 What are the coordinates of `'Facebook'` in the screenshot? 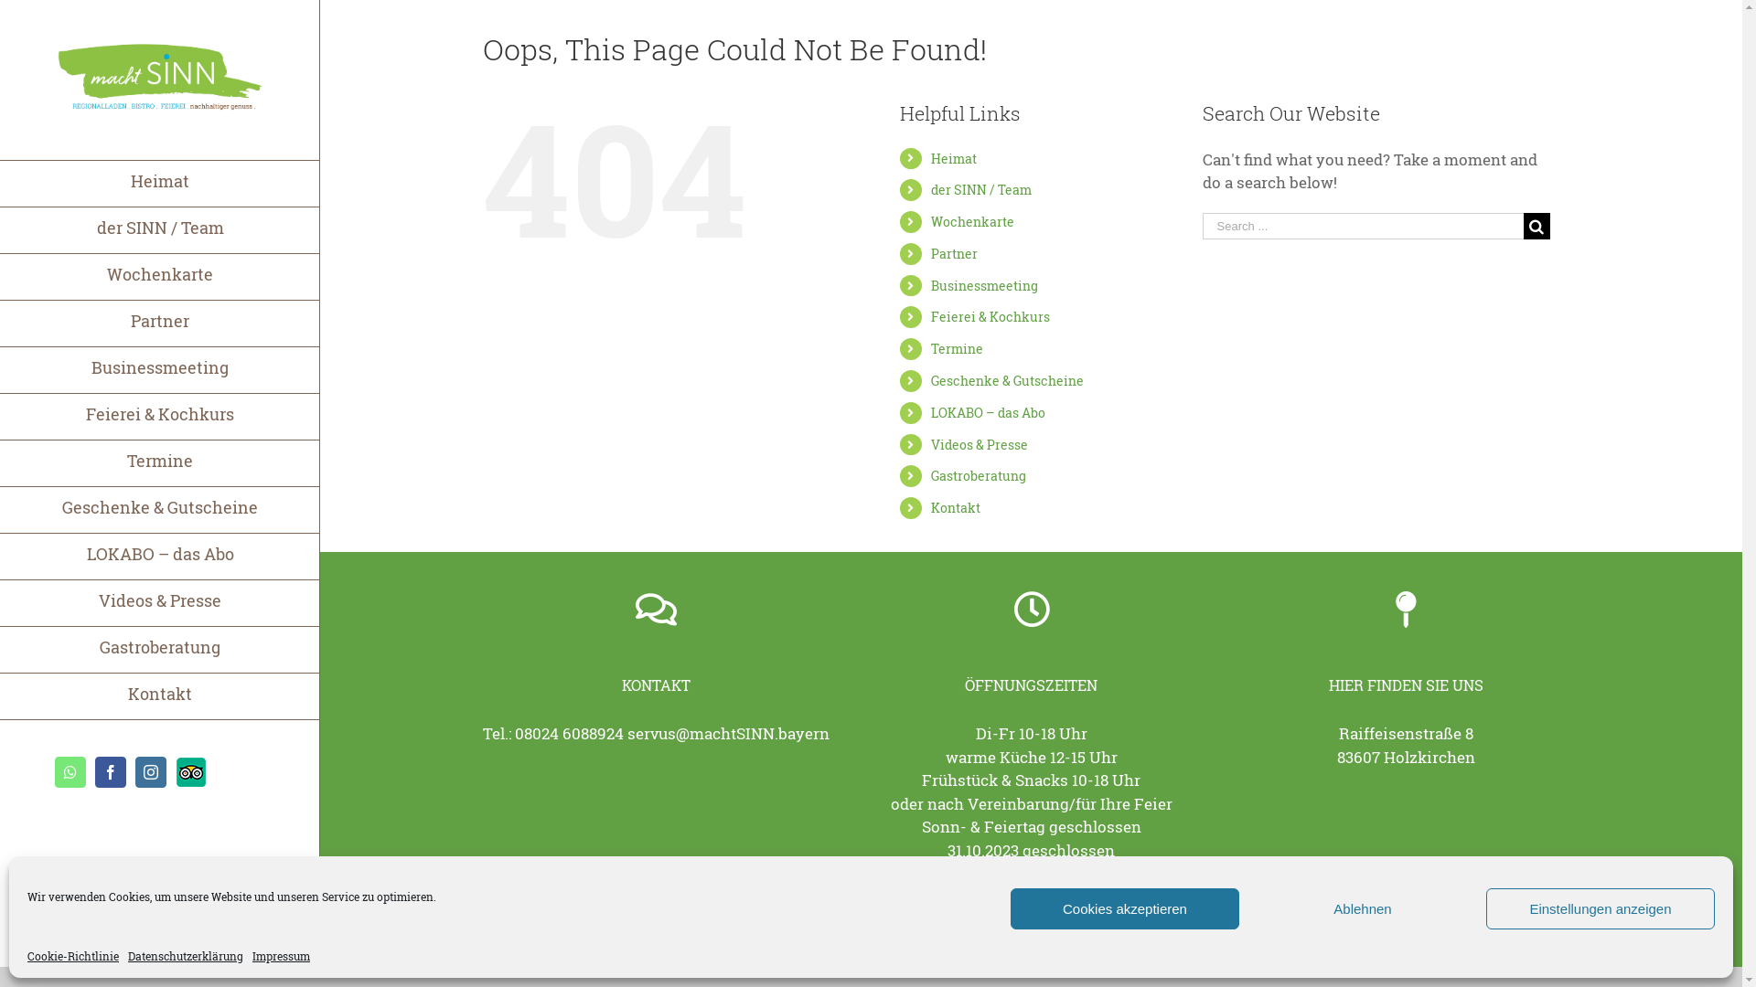 It's located at (94, 771).